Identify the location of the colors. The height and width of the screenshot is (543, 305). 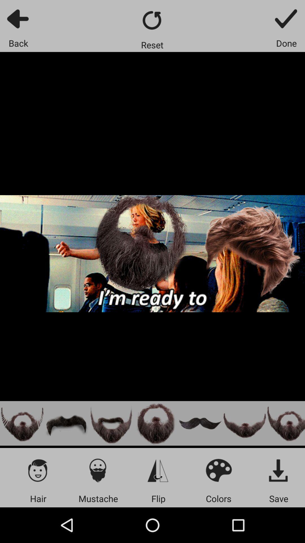
(218, 470).